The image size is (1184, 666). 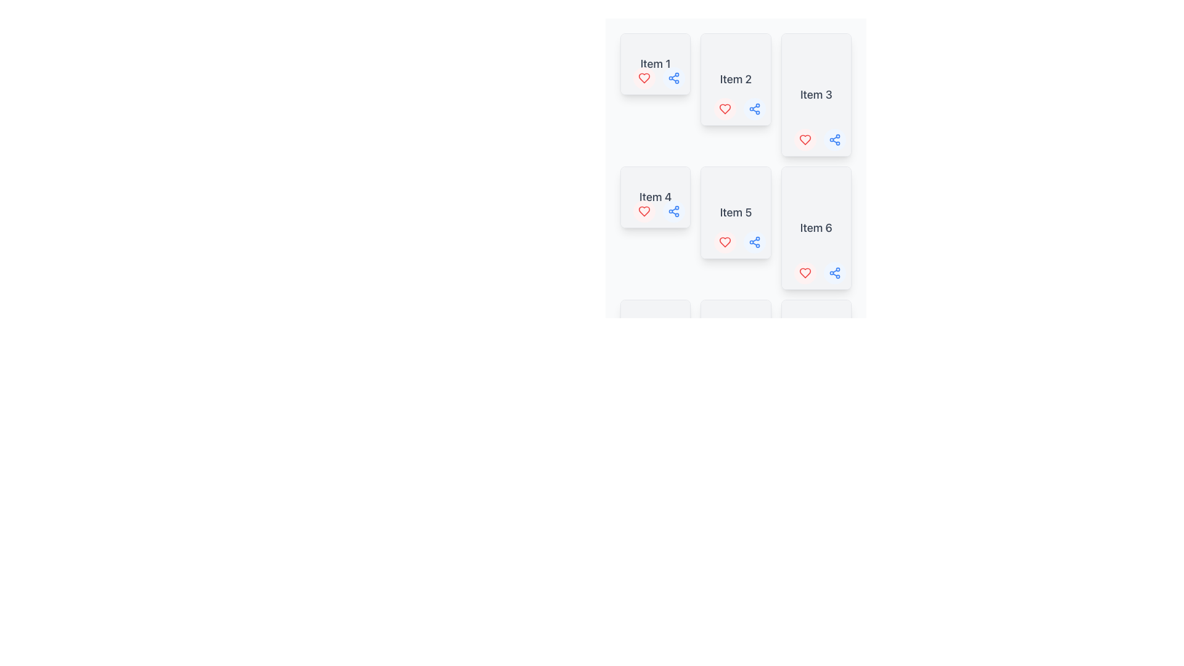 What do you see at coordinates (644, 211) in the screenshot?
I see `the circular button with a light red background and red heart icon located in the lower-right corner of the card labeled 'Item 4'` at bounding box center [644, 211].